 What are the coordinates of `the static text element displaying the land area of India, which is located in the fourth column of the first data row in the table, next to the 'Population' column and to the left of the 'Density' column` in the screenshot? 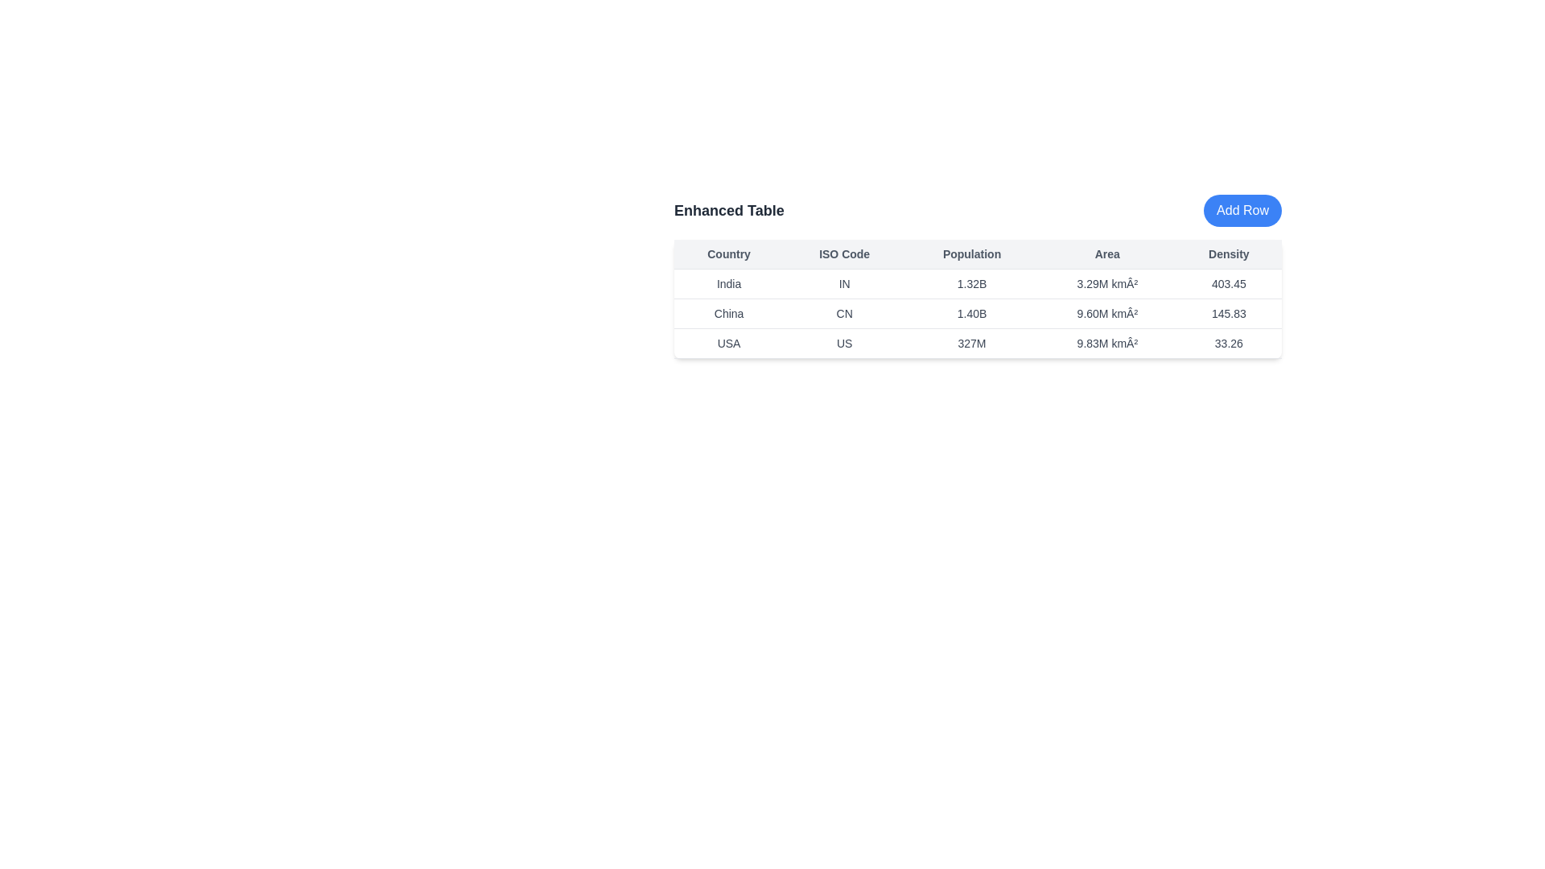 It's located at (1106, 283).